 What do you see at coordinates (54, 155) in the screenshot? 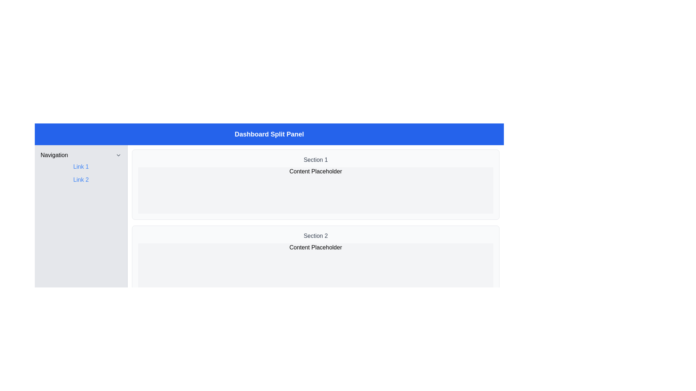
I see `Text label located in the top-left corner of the sidebar, which serves as a title or label for the navigation section` at bounding box center [54, 155].